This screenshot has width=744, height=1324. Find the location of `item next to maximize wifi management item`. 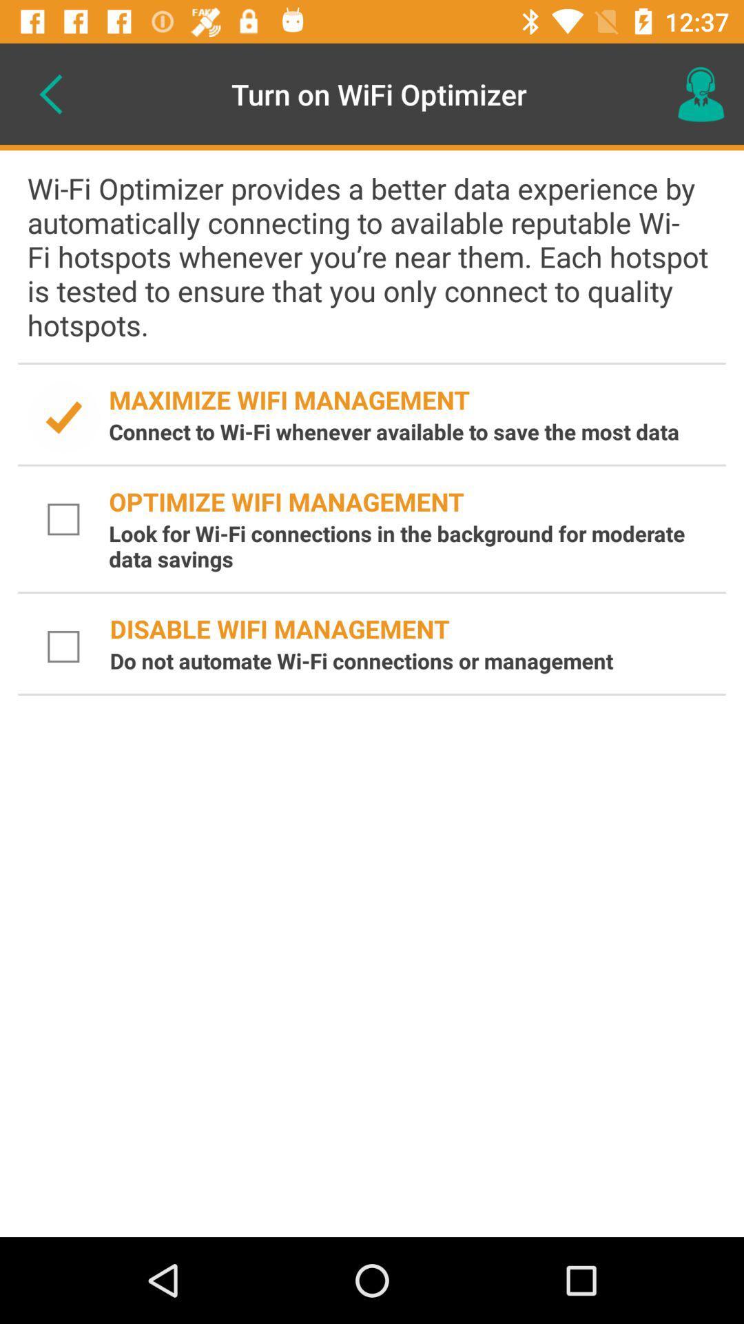

item next to maximize wifi management item is located at coordinates (63, 417).